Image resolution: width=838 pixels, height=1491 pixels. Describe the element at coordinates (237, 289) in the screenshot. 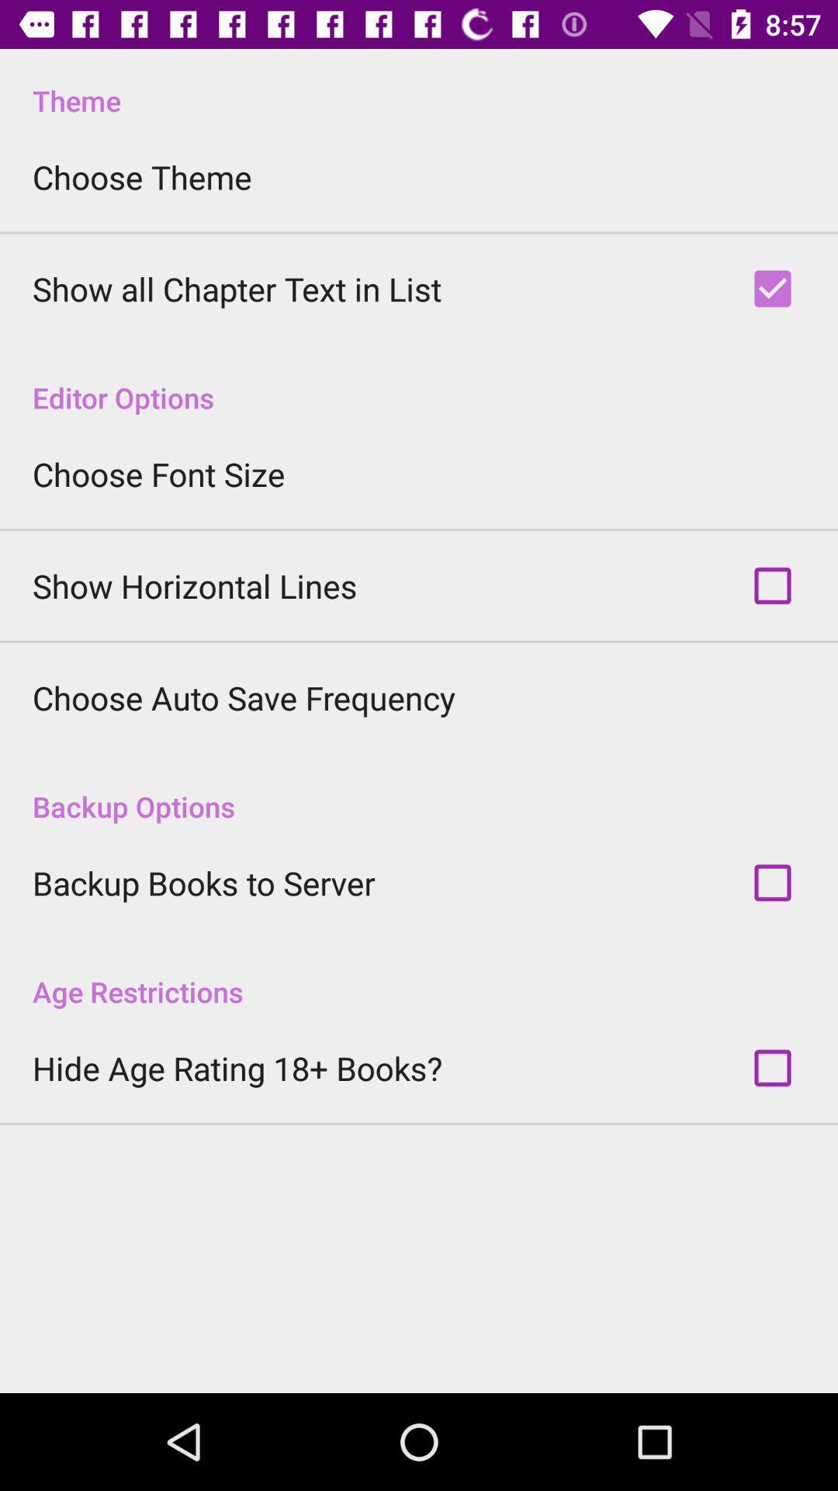

I see `show all chapter icon` at that location.